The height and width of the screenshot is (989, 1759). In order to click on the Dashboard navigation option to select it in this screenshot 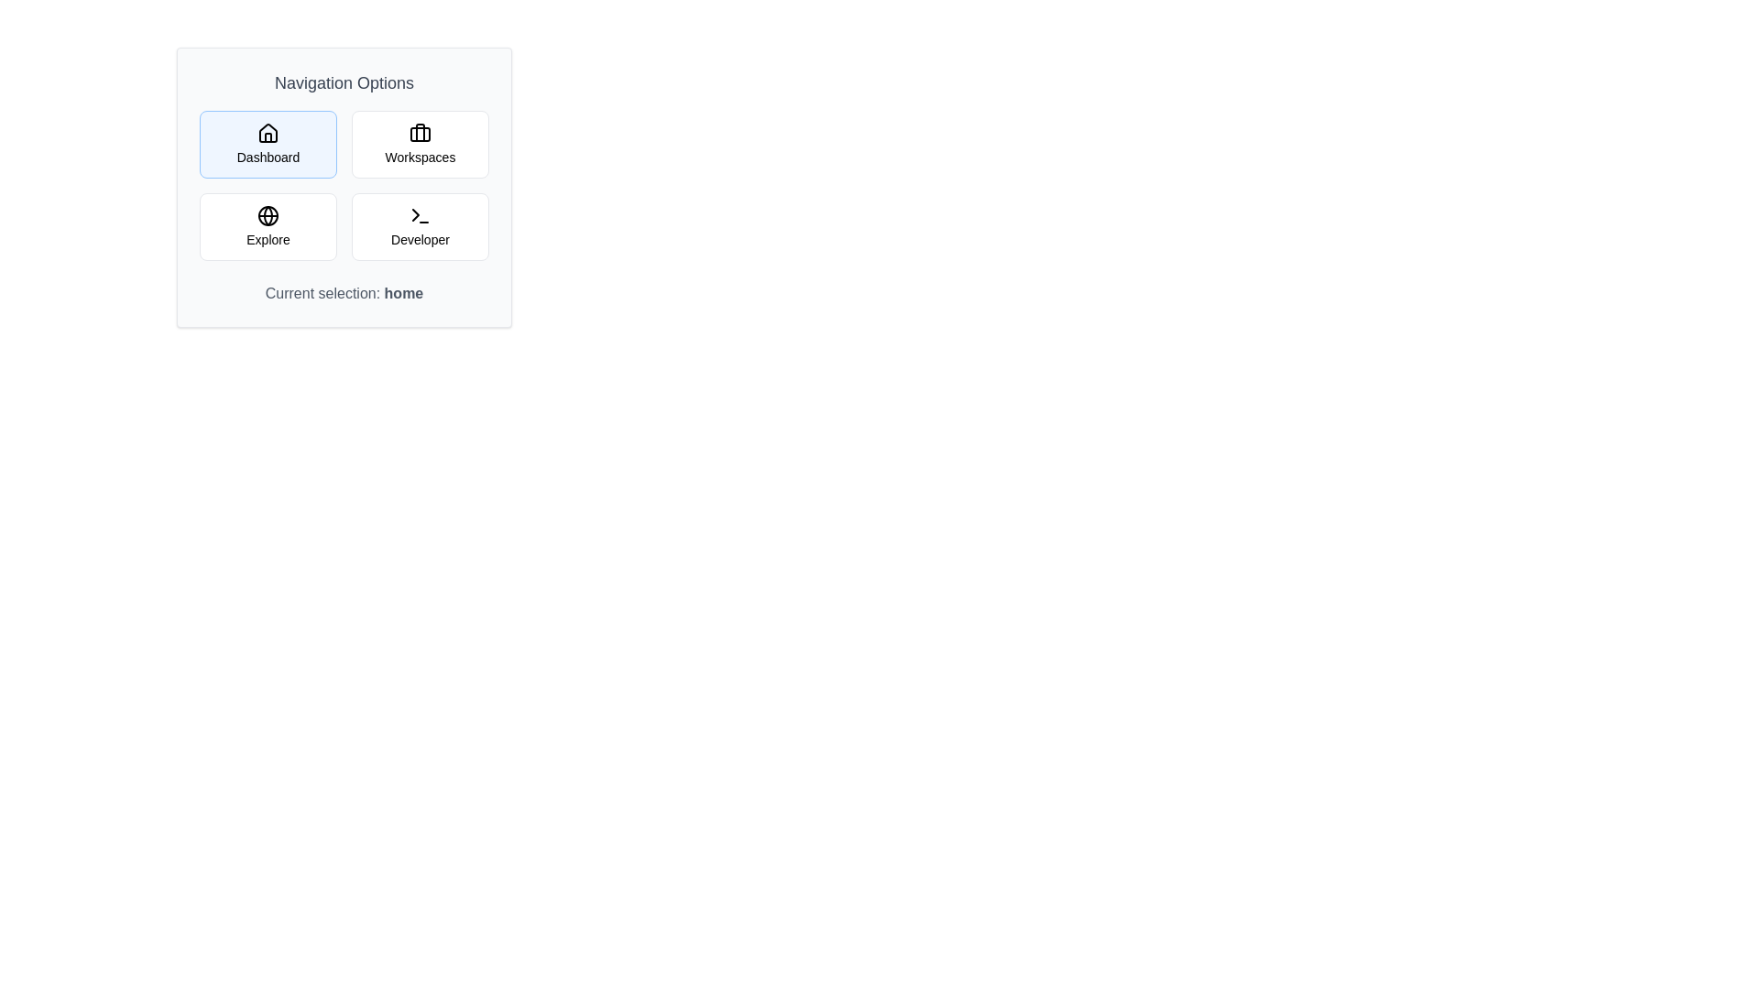, I will do `click(267, 144)`.